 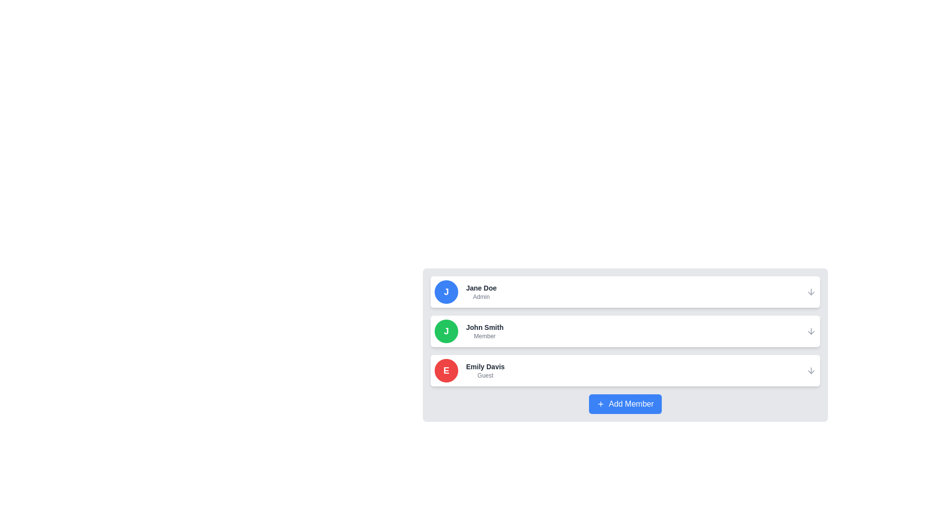 I want to click on the text element displaying 'Emily Davis', which is styled with a small bold font in dark gray, located in the bottom row of user cards, so click(x=485, y=366).